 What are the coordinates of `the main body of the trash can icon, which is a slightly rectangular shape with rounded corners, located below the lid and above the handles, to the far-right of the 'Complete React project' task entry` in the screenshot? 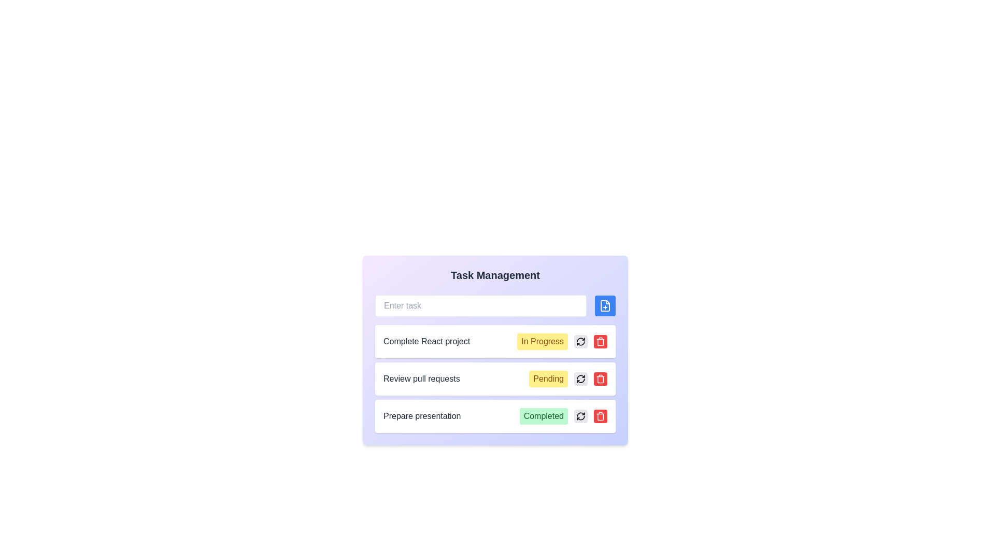 It's located at (600, 416).